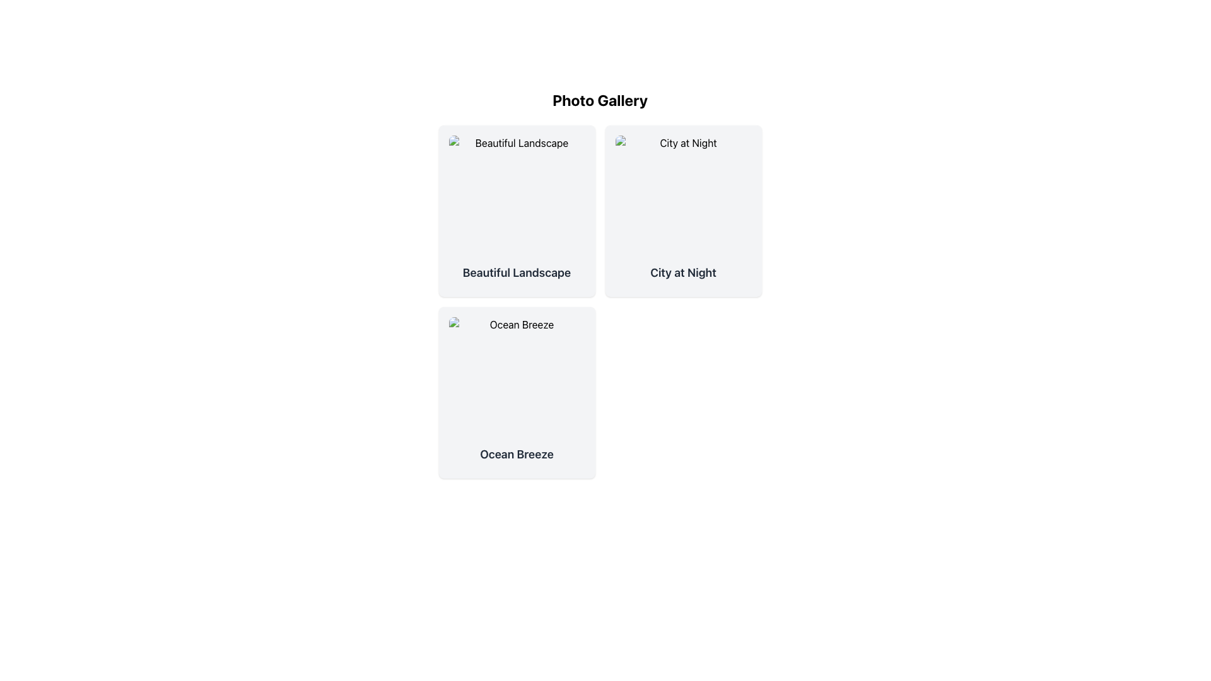 Image resolution: width=1211 pixels, height=681 pixels. I want to click on the 'Ocean Breeze' card located in the bottom-left corner of the grid, so click(517, 392).